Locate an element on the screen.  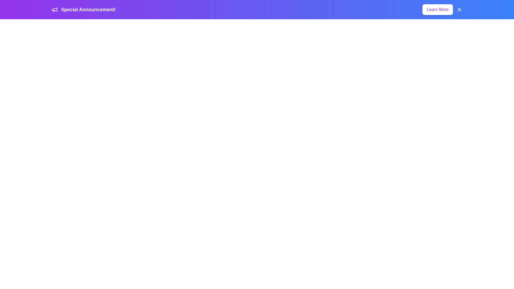
the 'Learn More' button to navigate to additional information is located at coordinates (438, 9).